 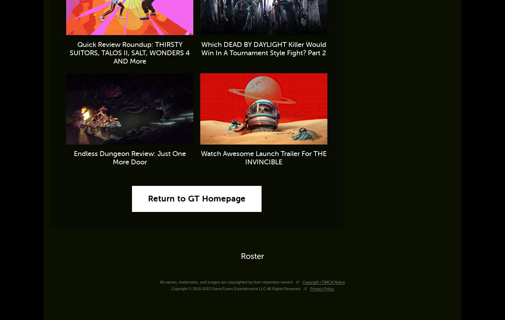 I want to click on 'Return to GT Homepage', so click(x=197, y=198).